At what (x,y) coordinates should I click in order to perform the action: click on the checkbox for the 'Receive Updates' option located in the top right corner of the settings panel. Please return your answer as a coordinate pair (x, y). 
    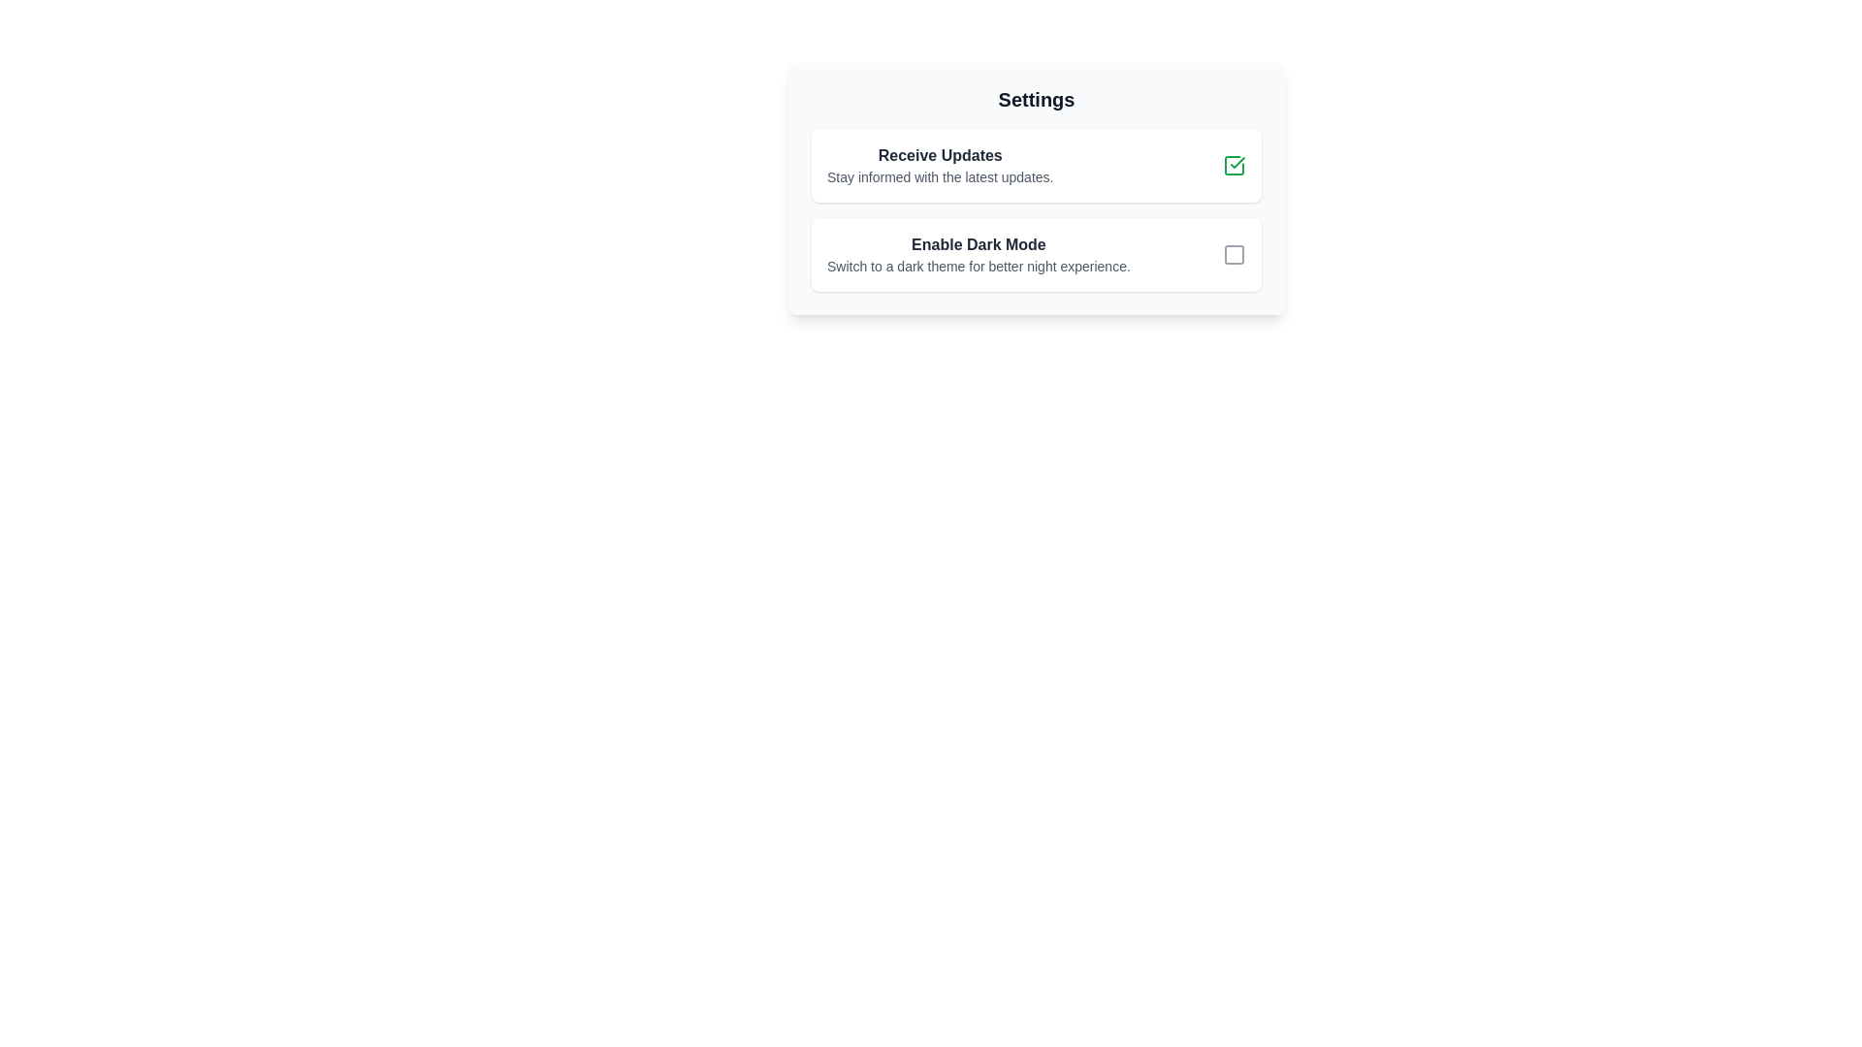
    Looking at the image, I should click on (1233, 164).